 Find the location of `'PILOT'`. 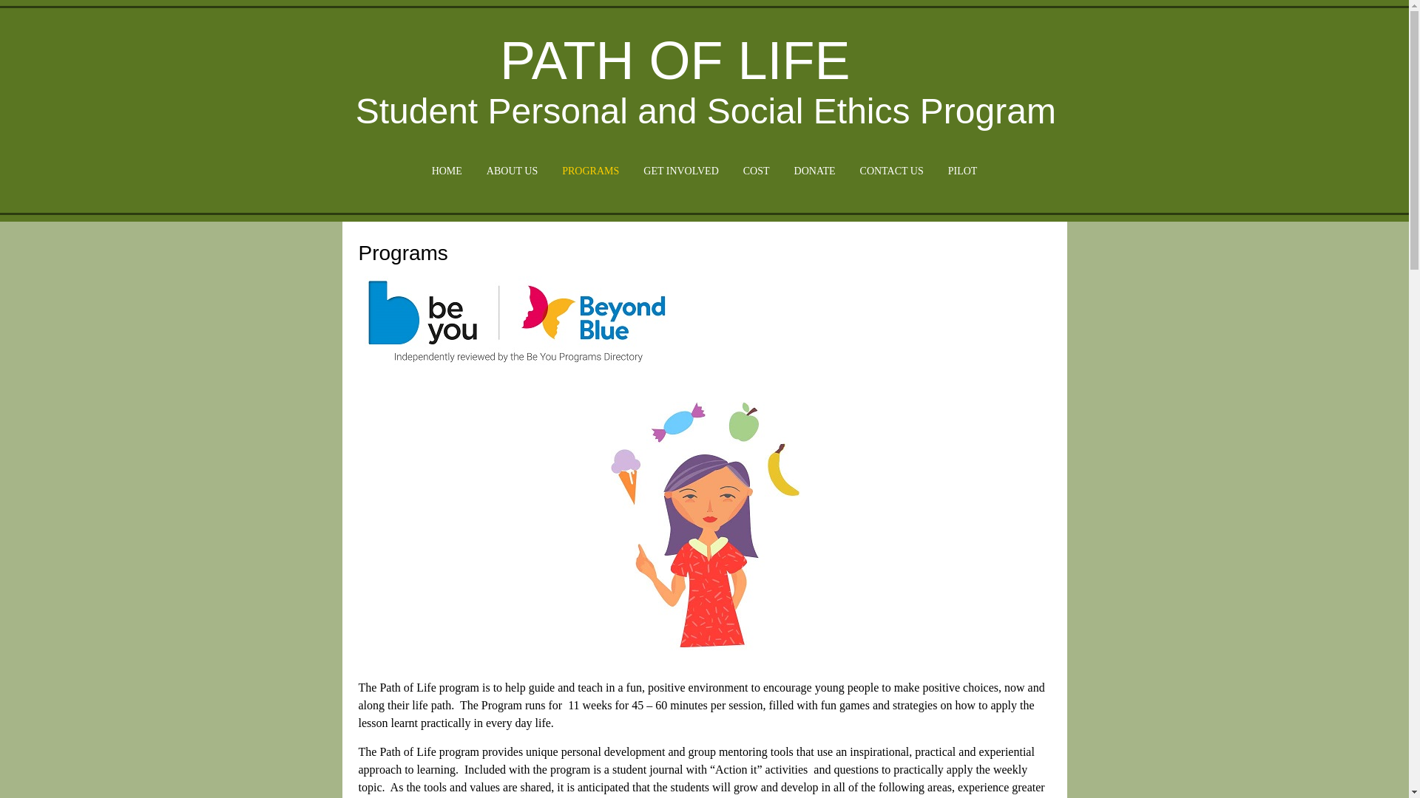

'PILOT' is located at coordinates (962, 170).